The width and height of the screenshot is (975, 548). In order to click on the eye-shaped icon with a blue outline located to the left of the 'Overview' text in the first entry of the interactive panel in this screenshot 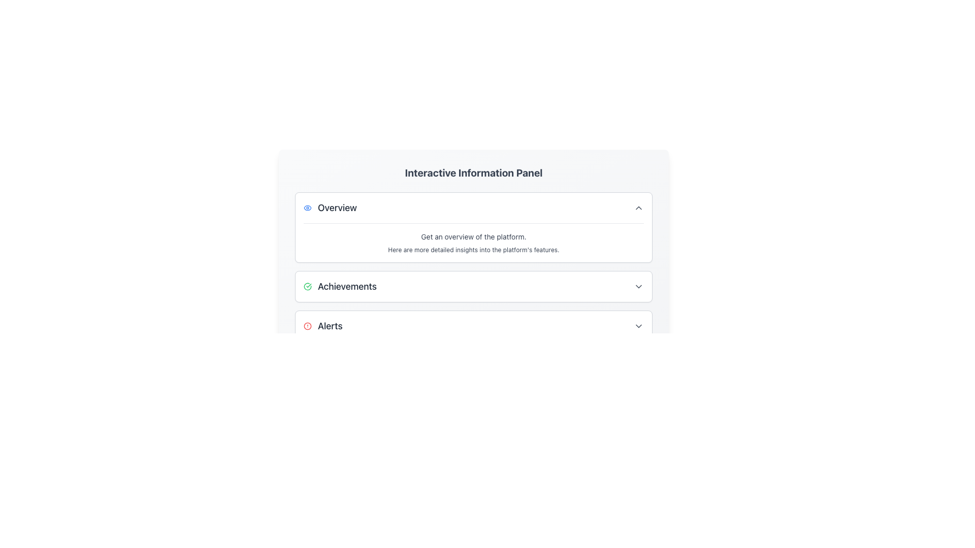, I will do `click(307, 207)`.